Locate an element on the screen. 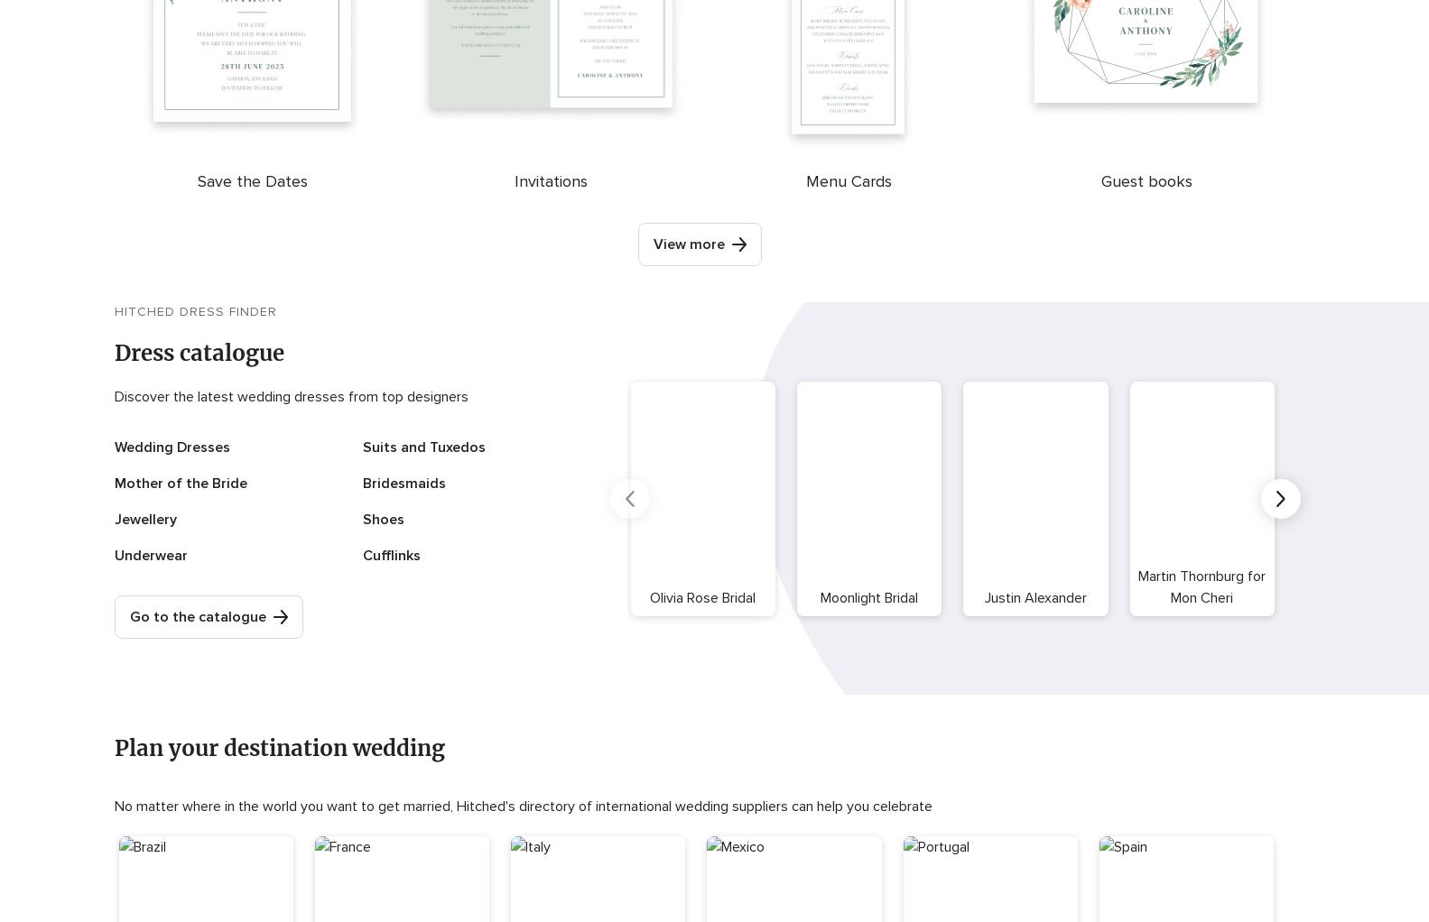 Image resolution: width=1429 pixels, height=922 pixels. 'Justin Alexander' is located at coordinates (1035, 595).